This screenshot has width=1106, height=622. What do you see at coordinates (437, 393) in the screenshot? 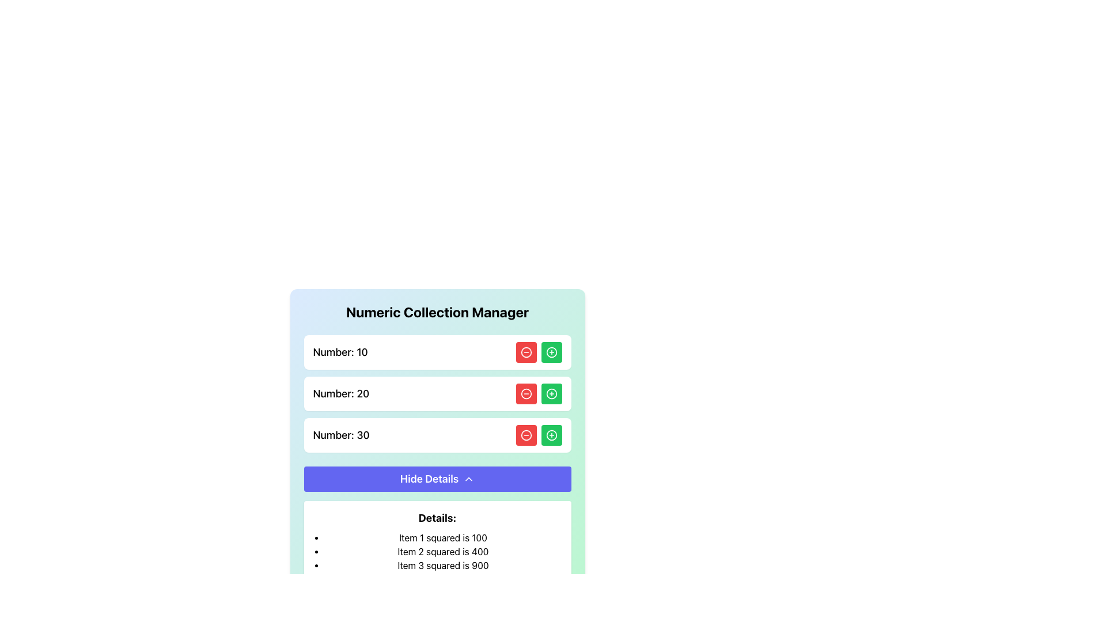
I see `the decrement button of the numeric entry component located between the labels 'Number: 10' and 'Number: 30' to reduce the displayed number` at bounding box center [437, 393].